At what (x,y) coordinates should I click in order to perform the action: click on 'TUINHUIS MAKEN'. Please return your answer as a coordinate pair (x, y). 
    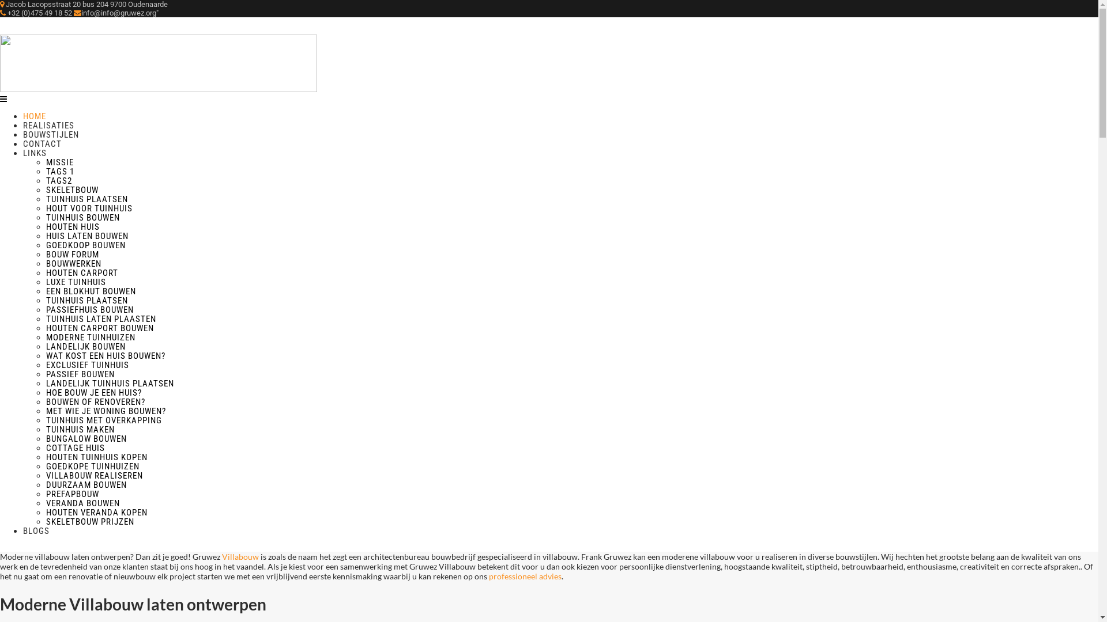
    Looking at the image, I should click on (80, 429).